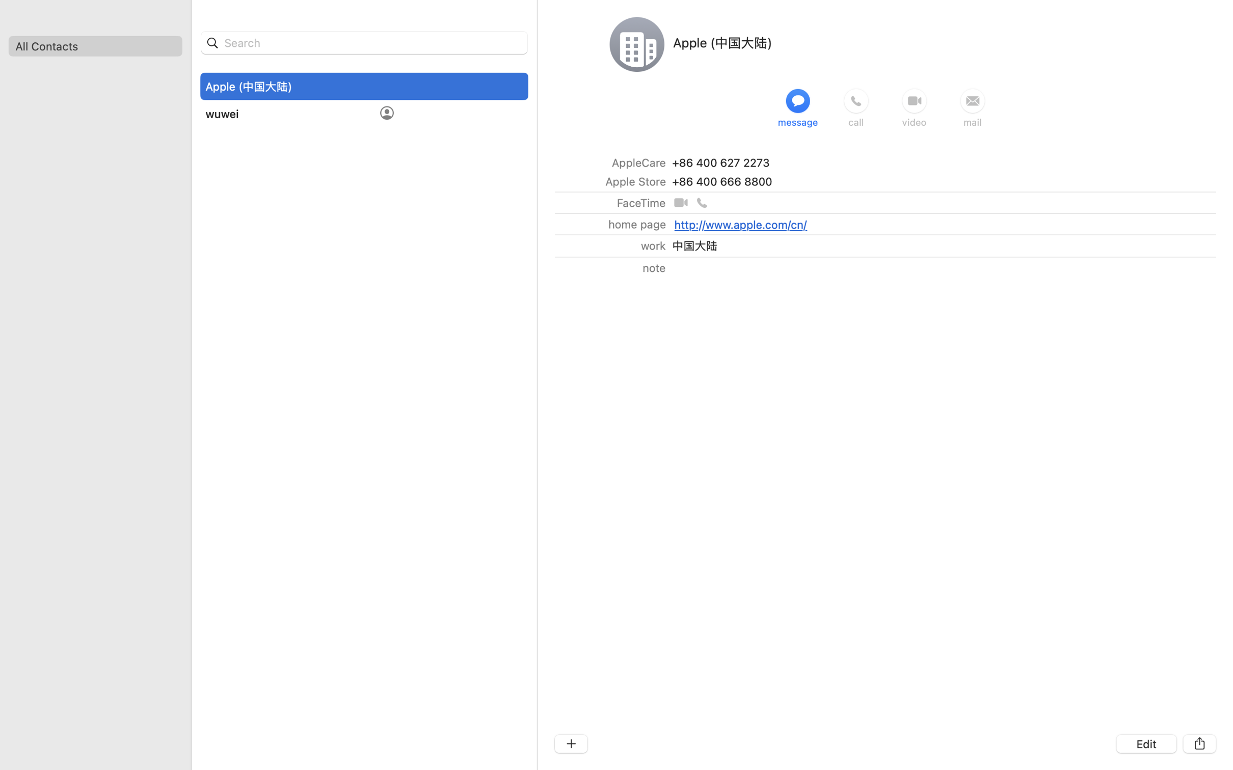  Describe the element at coordinates (722, 181) in the screenshot. I see `'‭+86 400 666 8800‬'` at that location.